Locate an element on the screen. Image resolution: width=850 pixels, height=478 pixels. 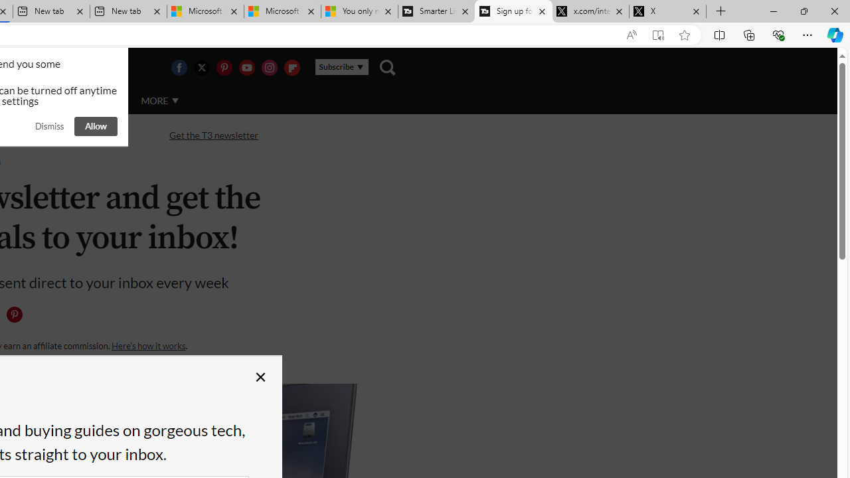
'Microsoft Start Sports' is located at coordinates (205, 11).